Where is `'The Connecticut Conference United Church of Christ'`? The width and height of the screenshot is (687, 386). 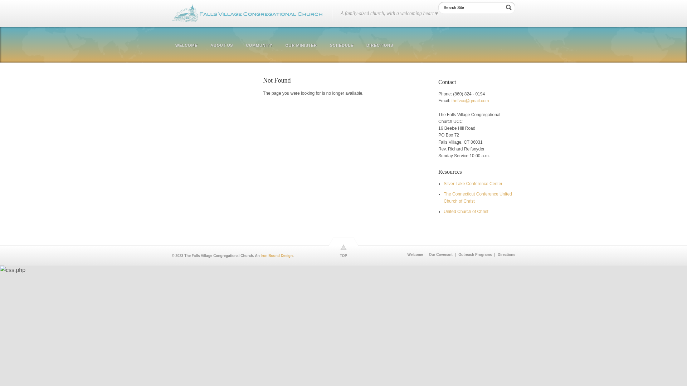 'The Connecticut Conference United Church of Christ' is located at coordinates (478, 197).